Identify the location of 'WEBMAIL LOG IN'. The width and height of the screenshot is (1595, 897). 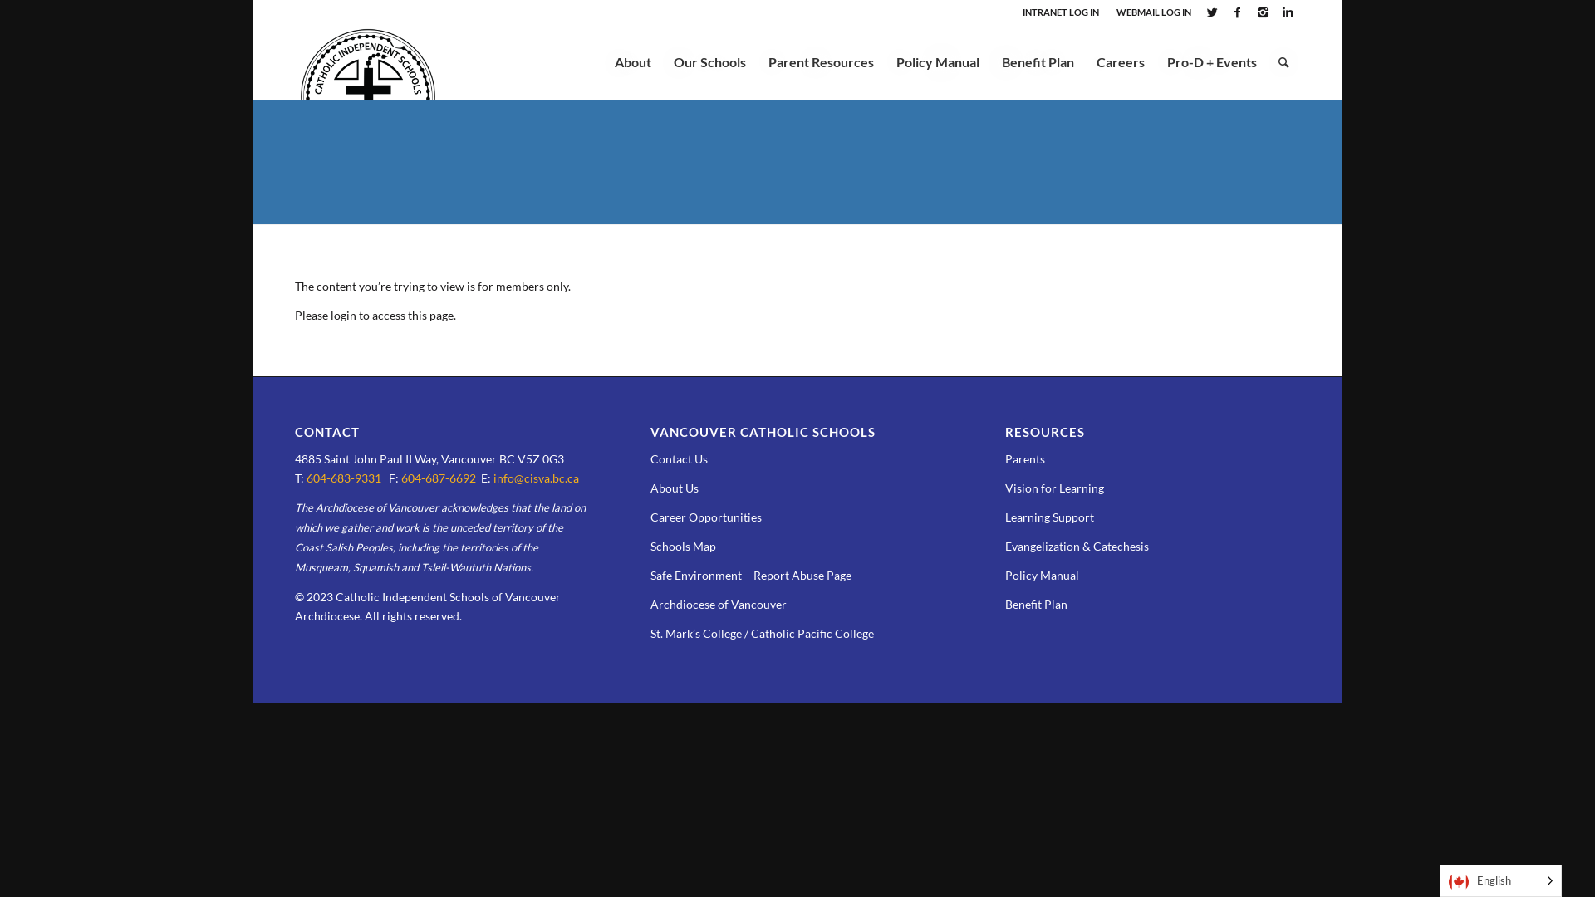
(1152, 12).